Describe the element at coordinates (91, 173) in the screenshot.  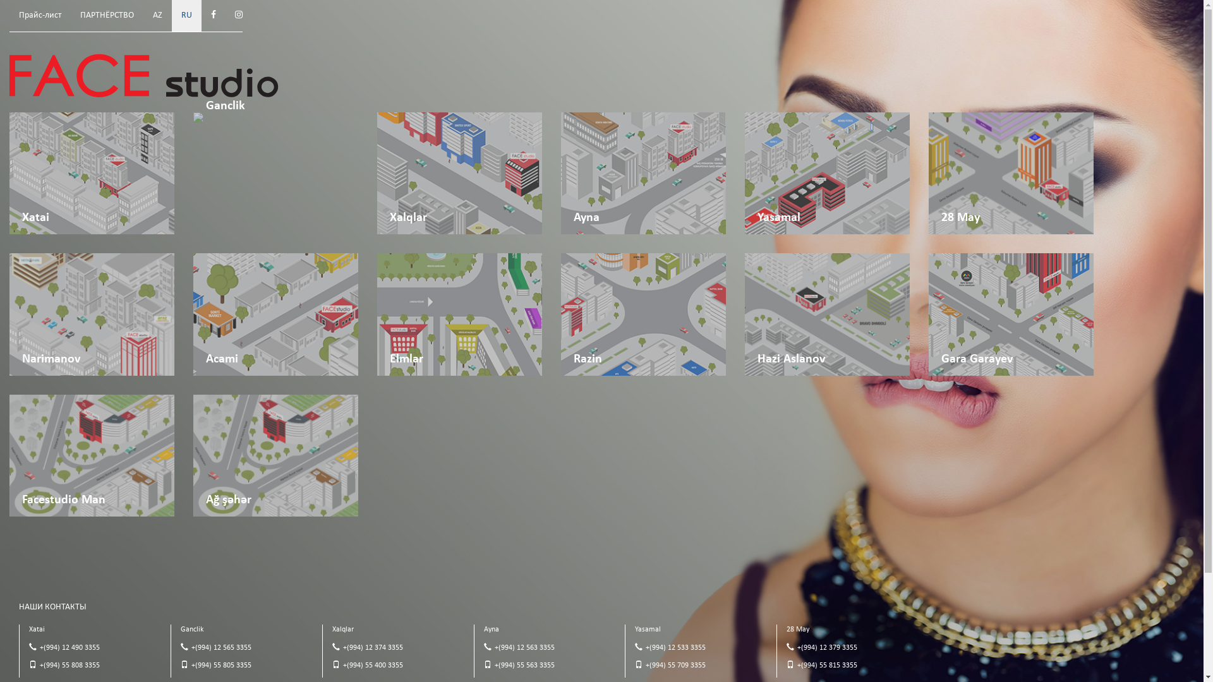
I see `'Xatai'` at that location.